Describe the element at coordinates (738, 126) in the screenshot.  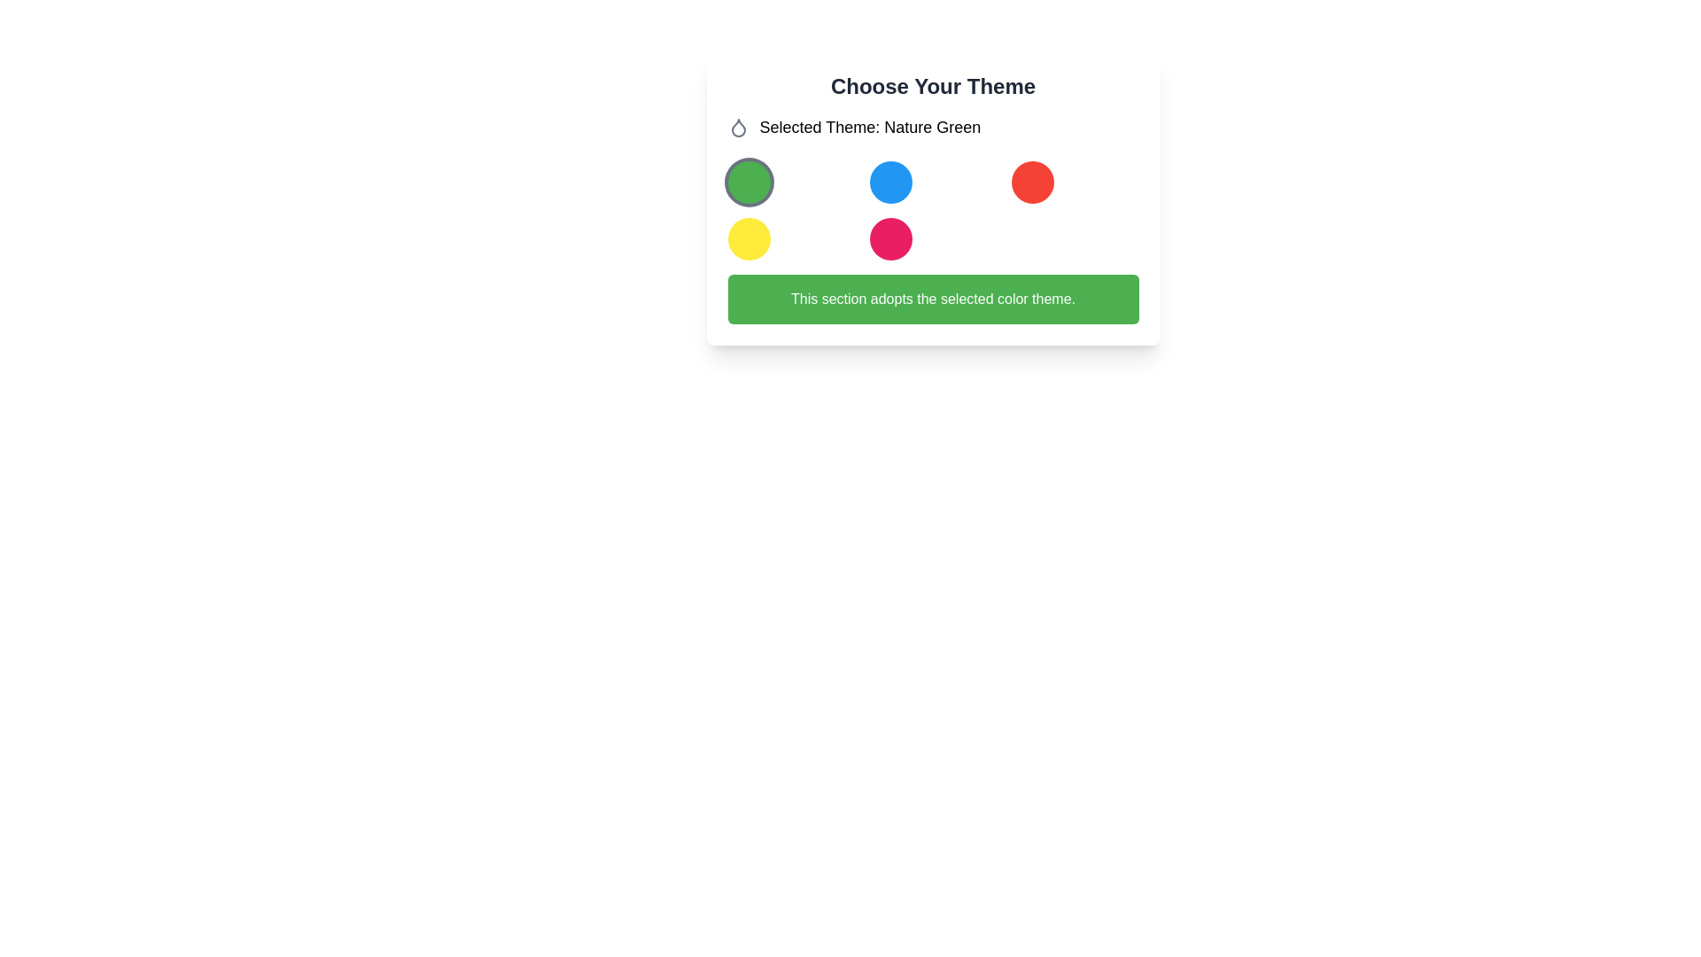
I see `the small light gray droplet icon located to the left of the text 'Selected Theme: Nature Green'` at that location.